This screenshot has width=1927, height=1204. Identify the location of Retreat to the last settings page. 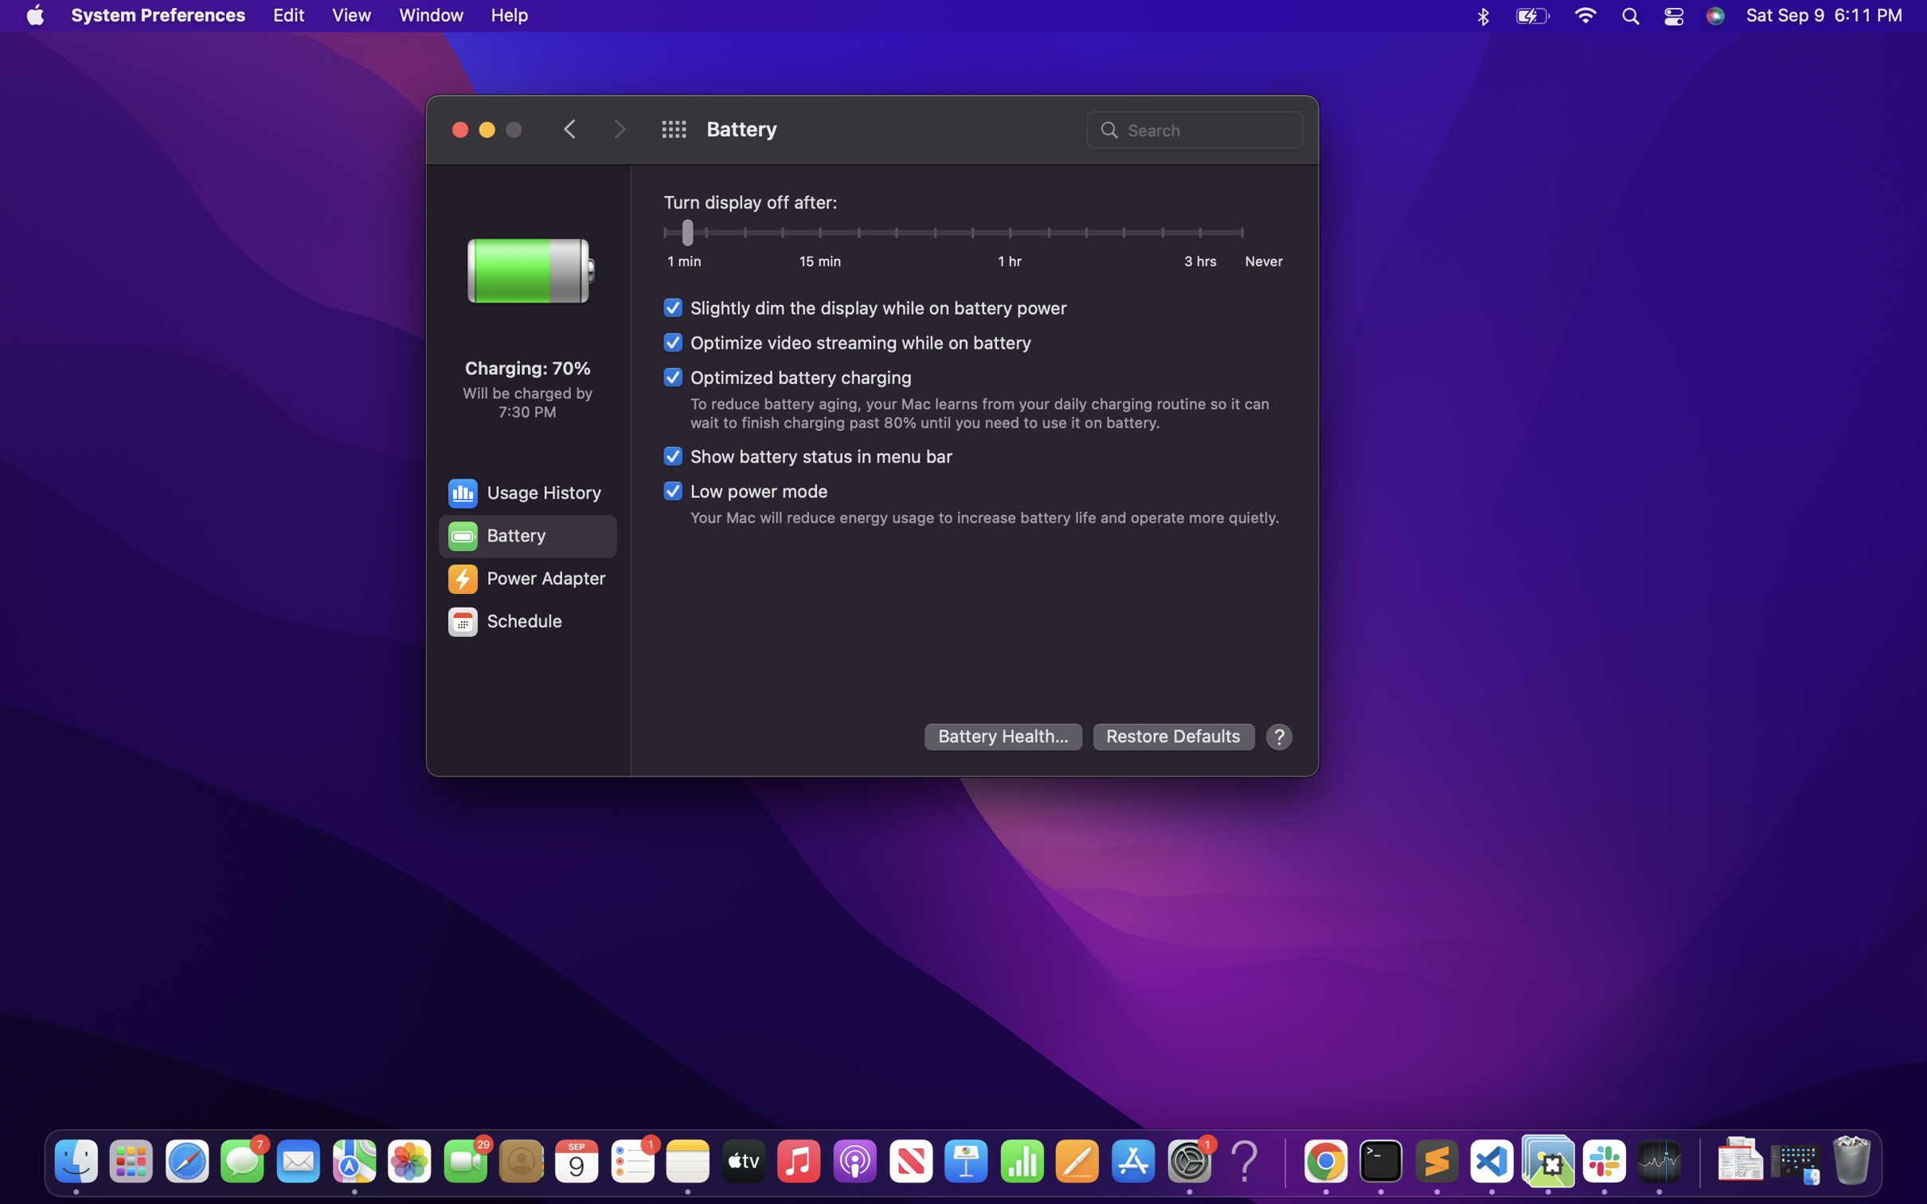
(571, 127).